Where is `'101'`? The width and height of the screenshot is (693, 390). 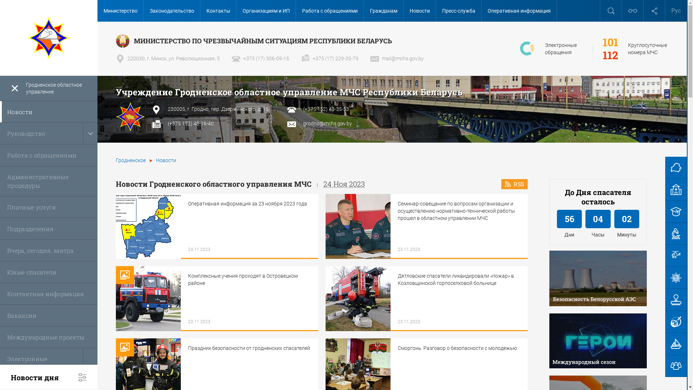
'101' is located at coordinates (610, 42).